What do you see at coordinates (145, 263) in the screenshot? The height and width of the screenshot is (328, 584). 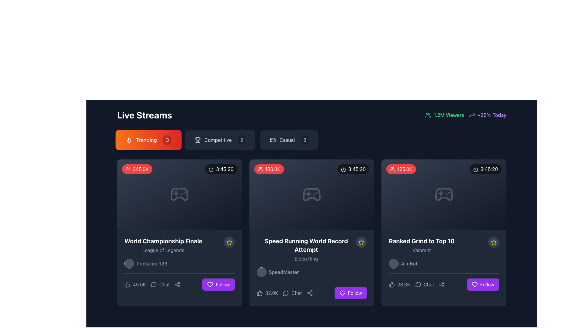 I see `the username text label located in the first column of the live stream cards section under the card titled 'World Championship Finals'` at bounding box center [145, 263].